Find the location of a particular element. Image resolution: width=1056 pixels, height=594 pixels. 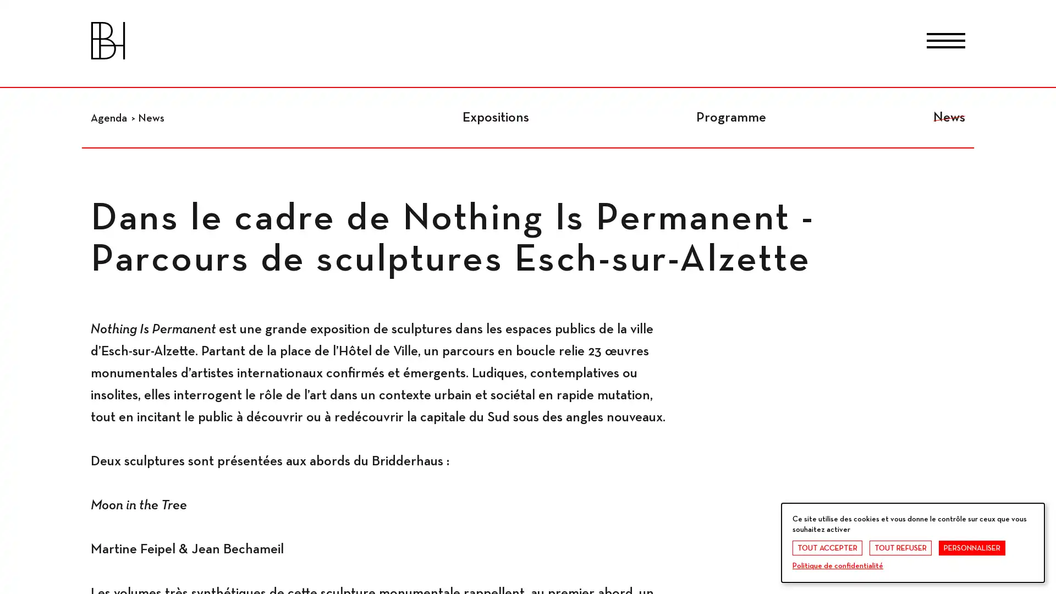

PERSONNALISER is located at coordinates (972, 548).